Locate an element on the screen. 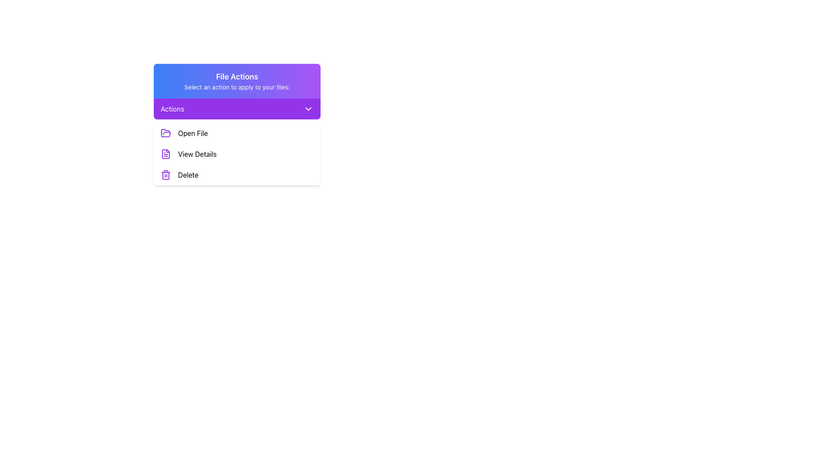 The height and width of the screenshot is (469, 834). to select the 'View Details' menu option, which is the second item in the 'File Actions' menu, positioned below 'Open File' and above 'Delete' is located at coordinates (237, 153).